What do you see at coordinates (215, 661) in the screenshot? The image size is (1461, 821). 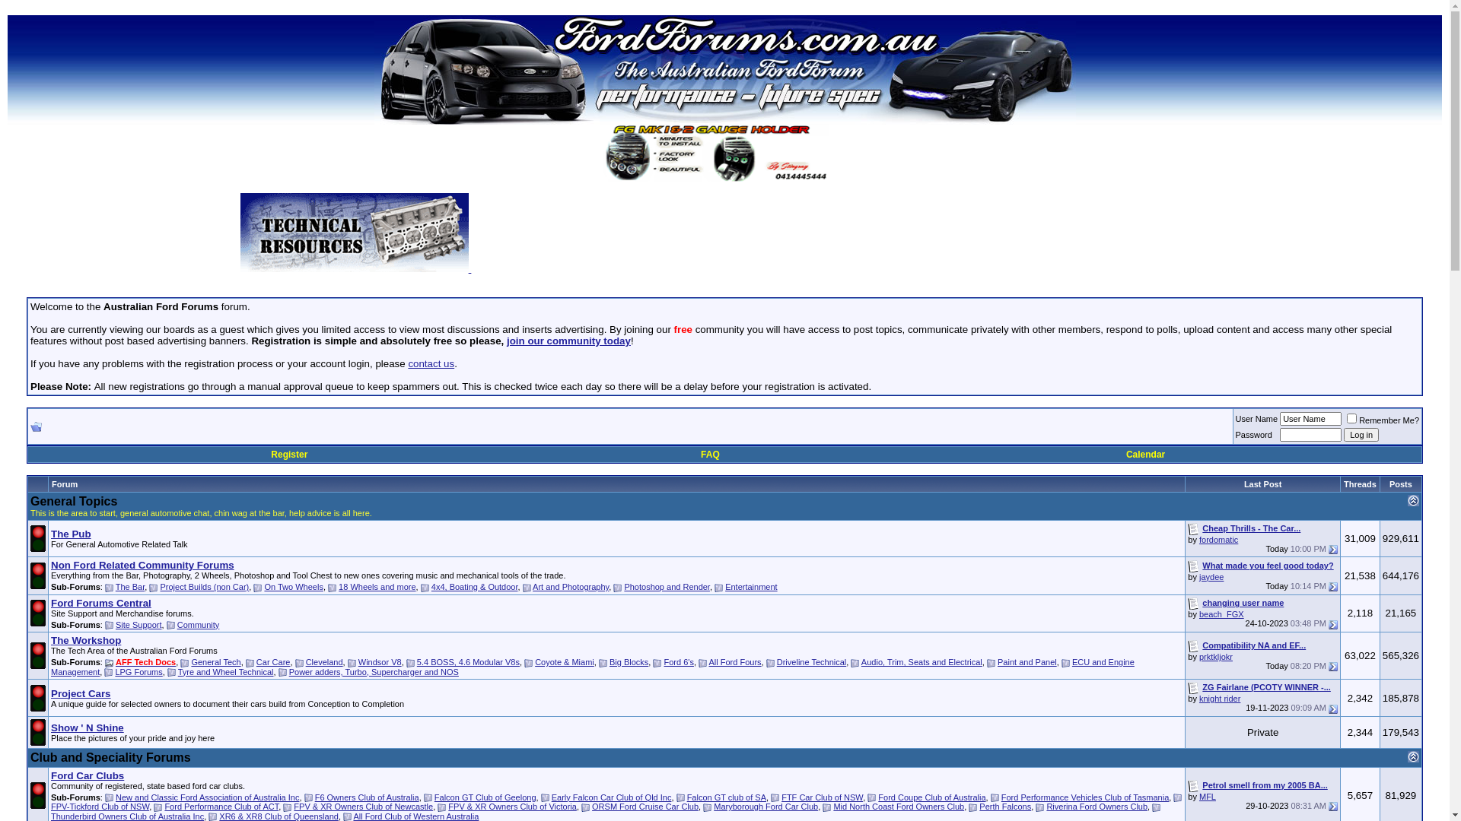 I see `'General Tech'` at bounding box center [215, 661].